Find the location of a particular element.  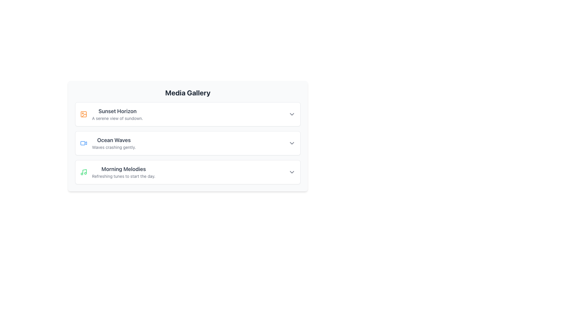

the multimedia item card located in the second vertical section, between 'Sunset Horizon' and 'Morning Melodies' is located at coordinates (187, 136).